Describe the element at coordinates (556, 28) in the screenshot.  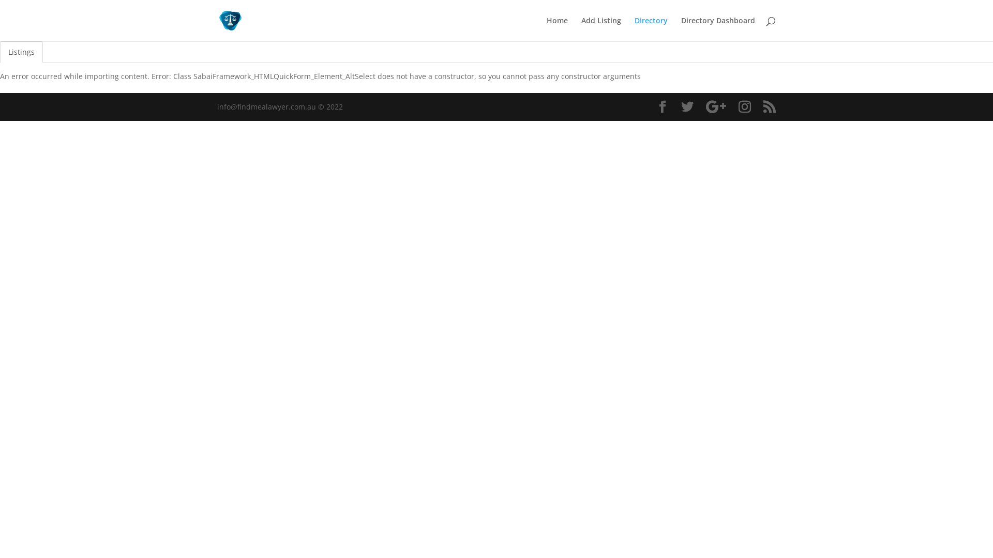
I see `'Home'` at that location.